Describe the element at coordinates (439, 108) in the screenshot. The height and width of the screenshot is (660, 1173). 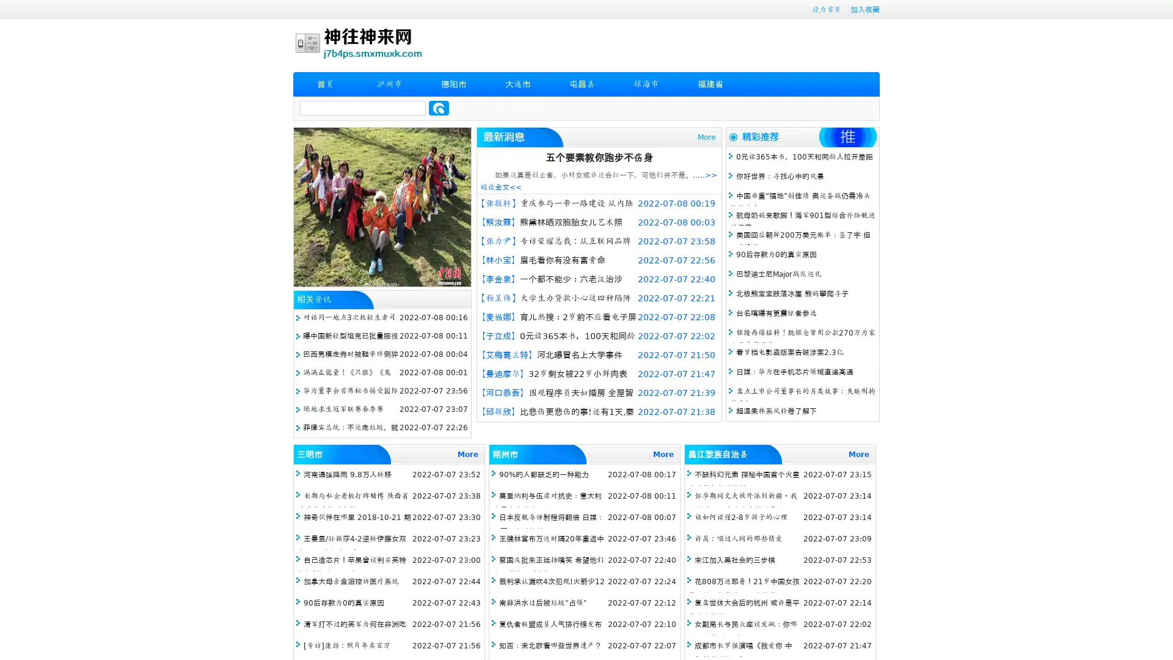
I see `Search` at that location.